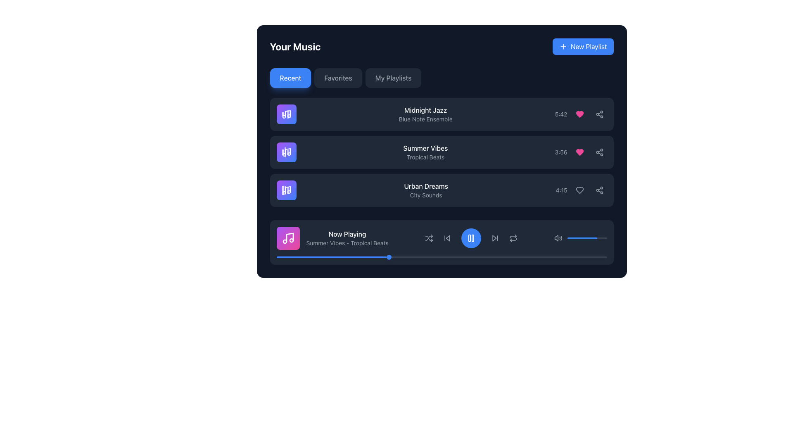  What do you see at coordinates (582, 46) in the screenshot?
I see `the 'New Playlist' button with a blue background and white text` at bounding box center [582, 46].